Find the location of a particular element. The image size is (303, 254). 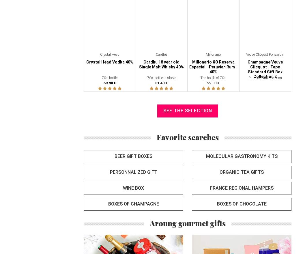

'70cl bottle in sleeve' is located at coordinates (161, 78).